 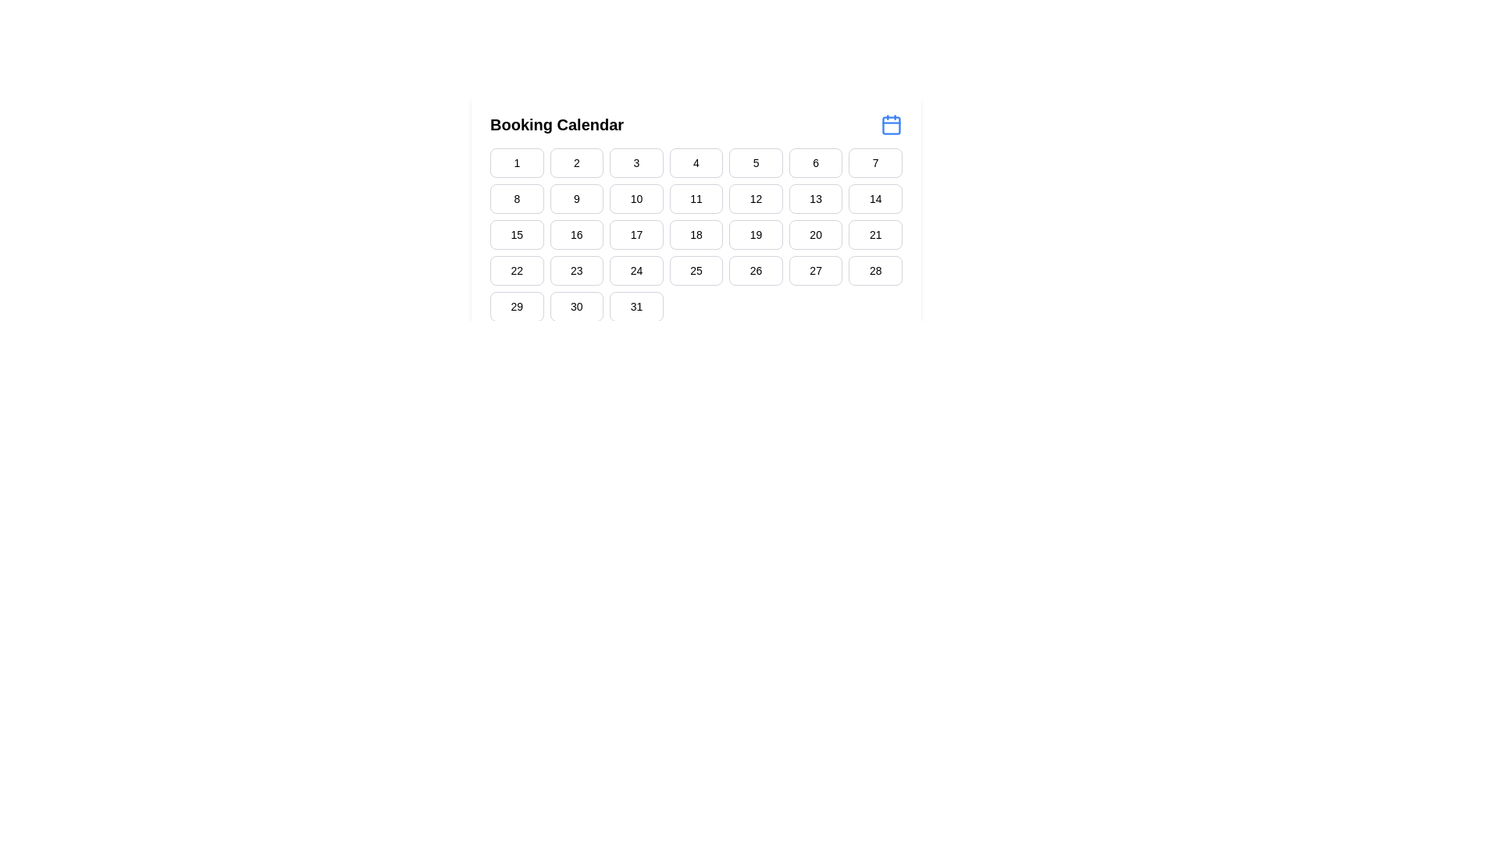 I want to click on the button labeled '10', which is a rectangular button with rounded corners and a white background, so click(x=636, y=197).